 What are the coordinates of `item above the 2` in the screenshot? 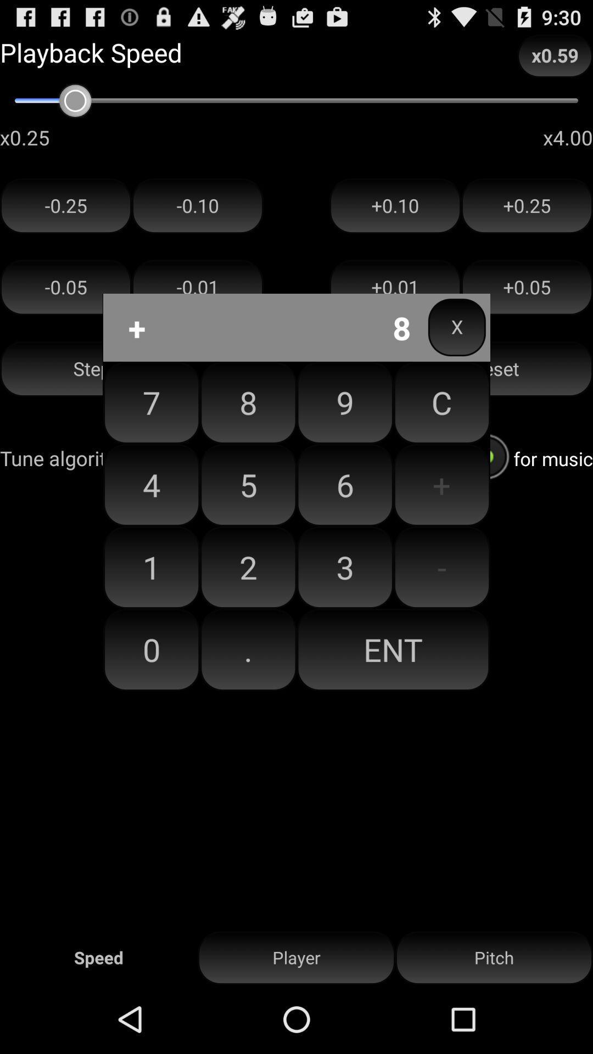 It's located at (344, 484).